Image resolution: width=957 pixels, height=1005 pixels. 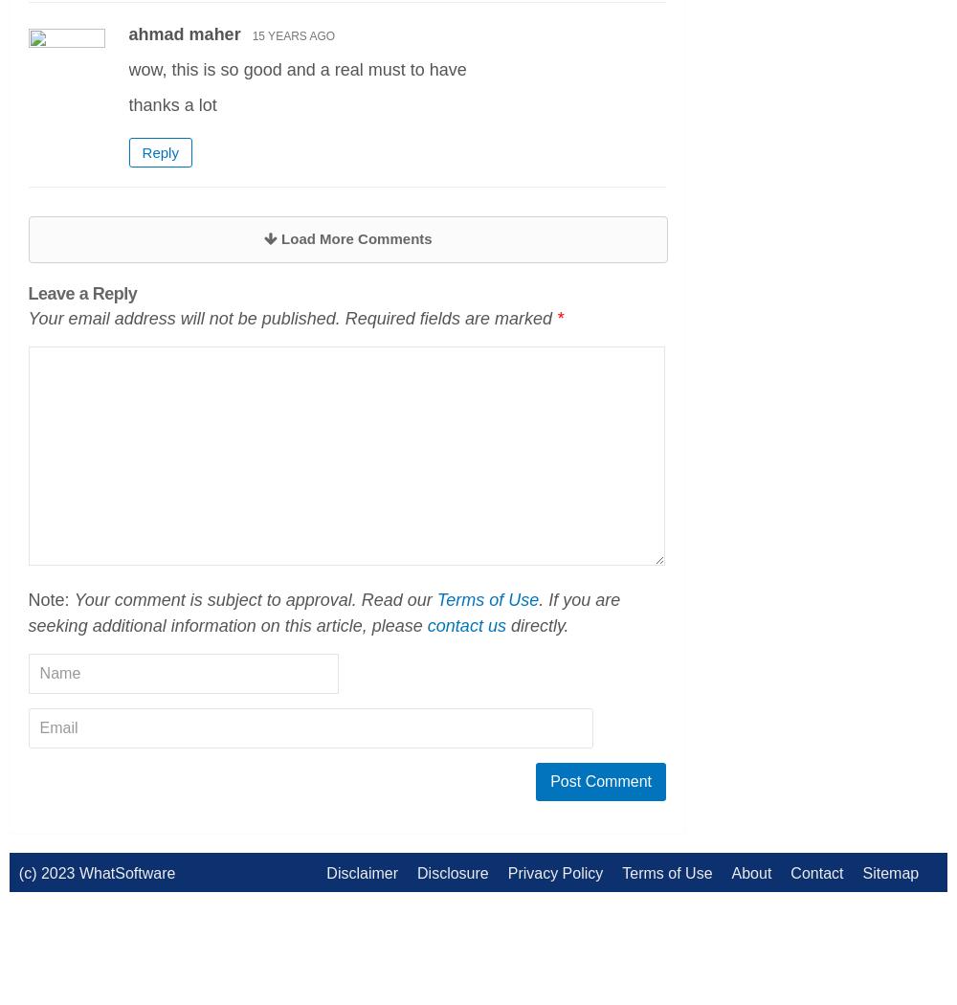 What do you see at coordinates (449, 318) in the screenshot?
I see `'Required fields are marked'` at bounding box center [449, 318].